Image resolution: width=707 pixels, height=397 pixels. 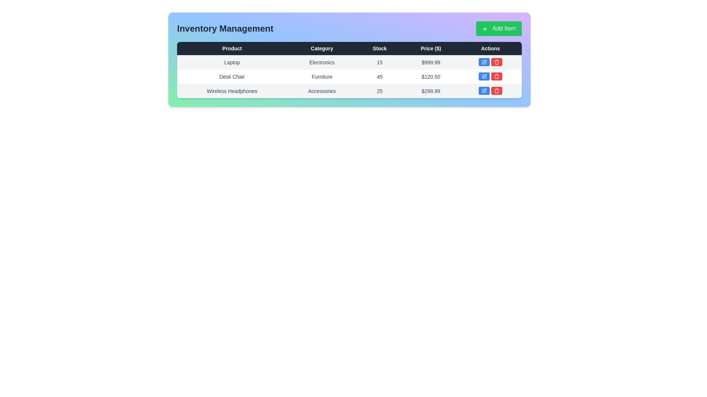 What do you see at coordinates (380, 48) in the screenshot?
I see `the Text label that serves as the header for the stock quantities column, positioned between 'Category' and 'Price ($)' headers at the top of the table` at bounding box center [380, 48].